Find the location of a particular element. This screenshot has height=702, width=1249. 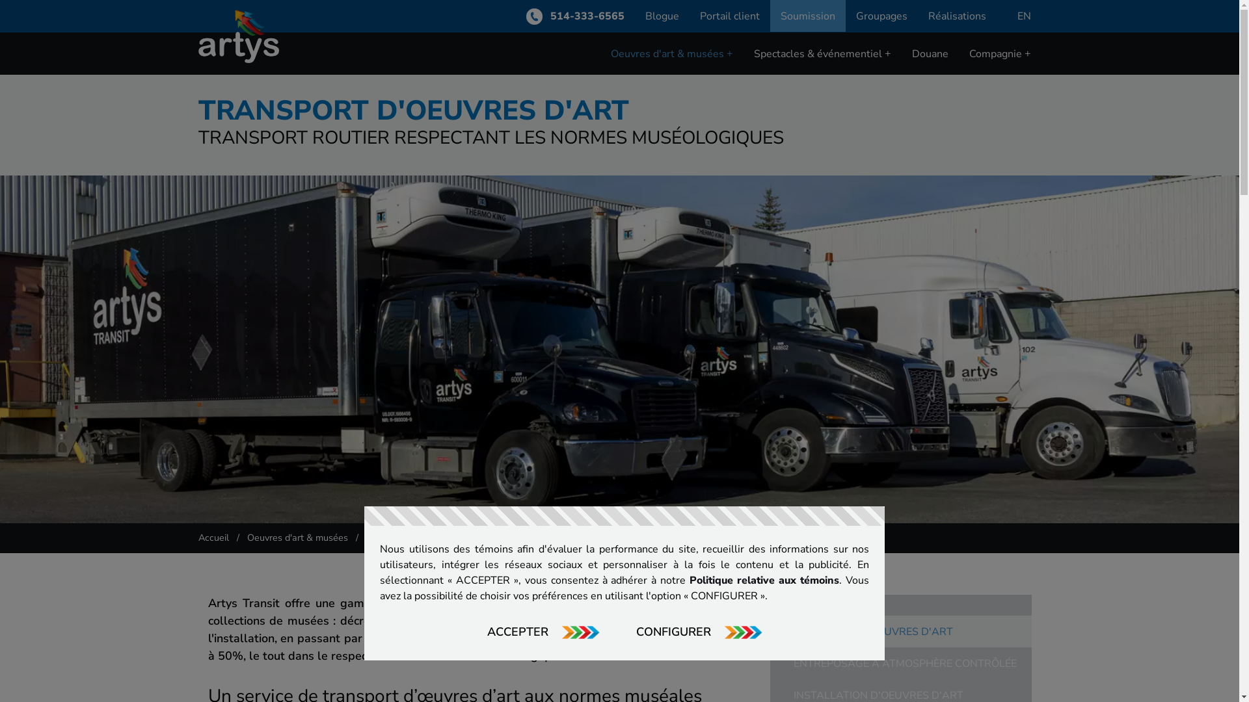

'Blogue' is located at coordinates (662, 16).